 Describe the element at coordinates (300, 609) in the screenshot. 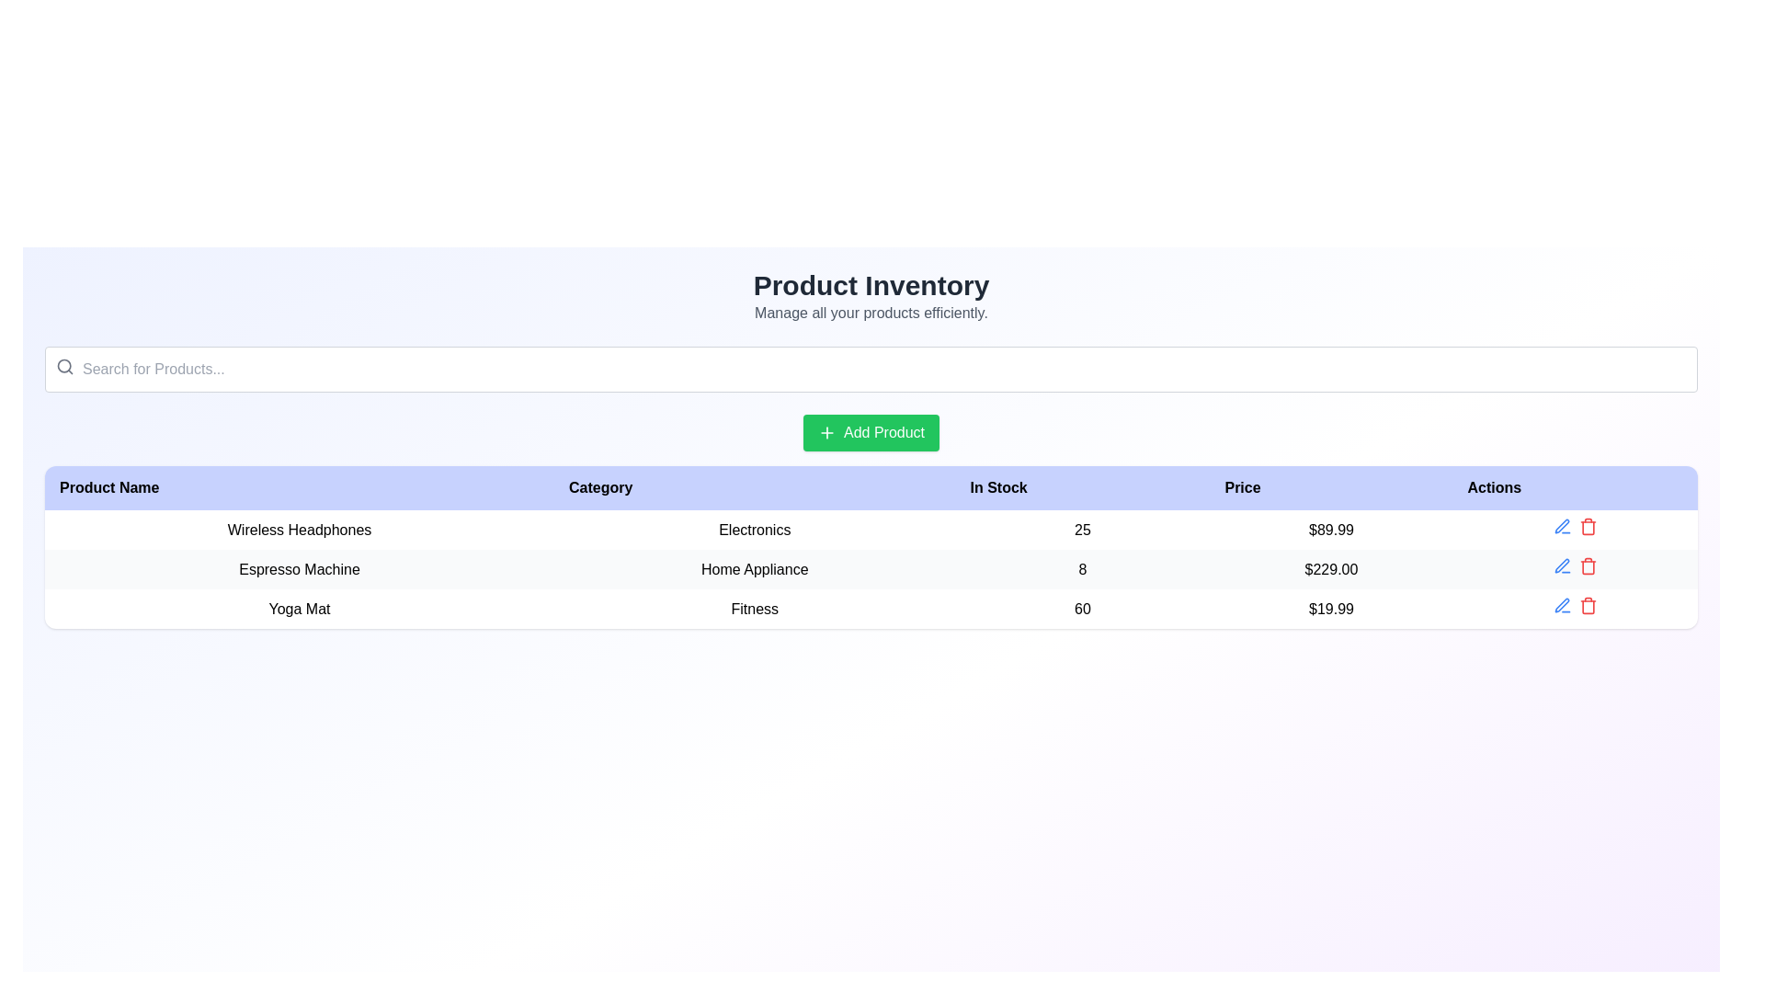

I see `the 'Yoga Mat' text label, which identifies the product name in the inventory table under the 'Product Name' column` at that location.